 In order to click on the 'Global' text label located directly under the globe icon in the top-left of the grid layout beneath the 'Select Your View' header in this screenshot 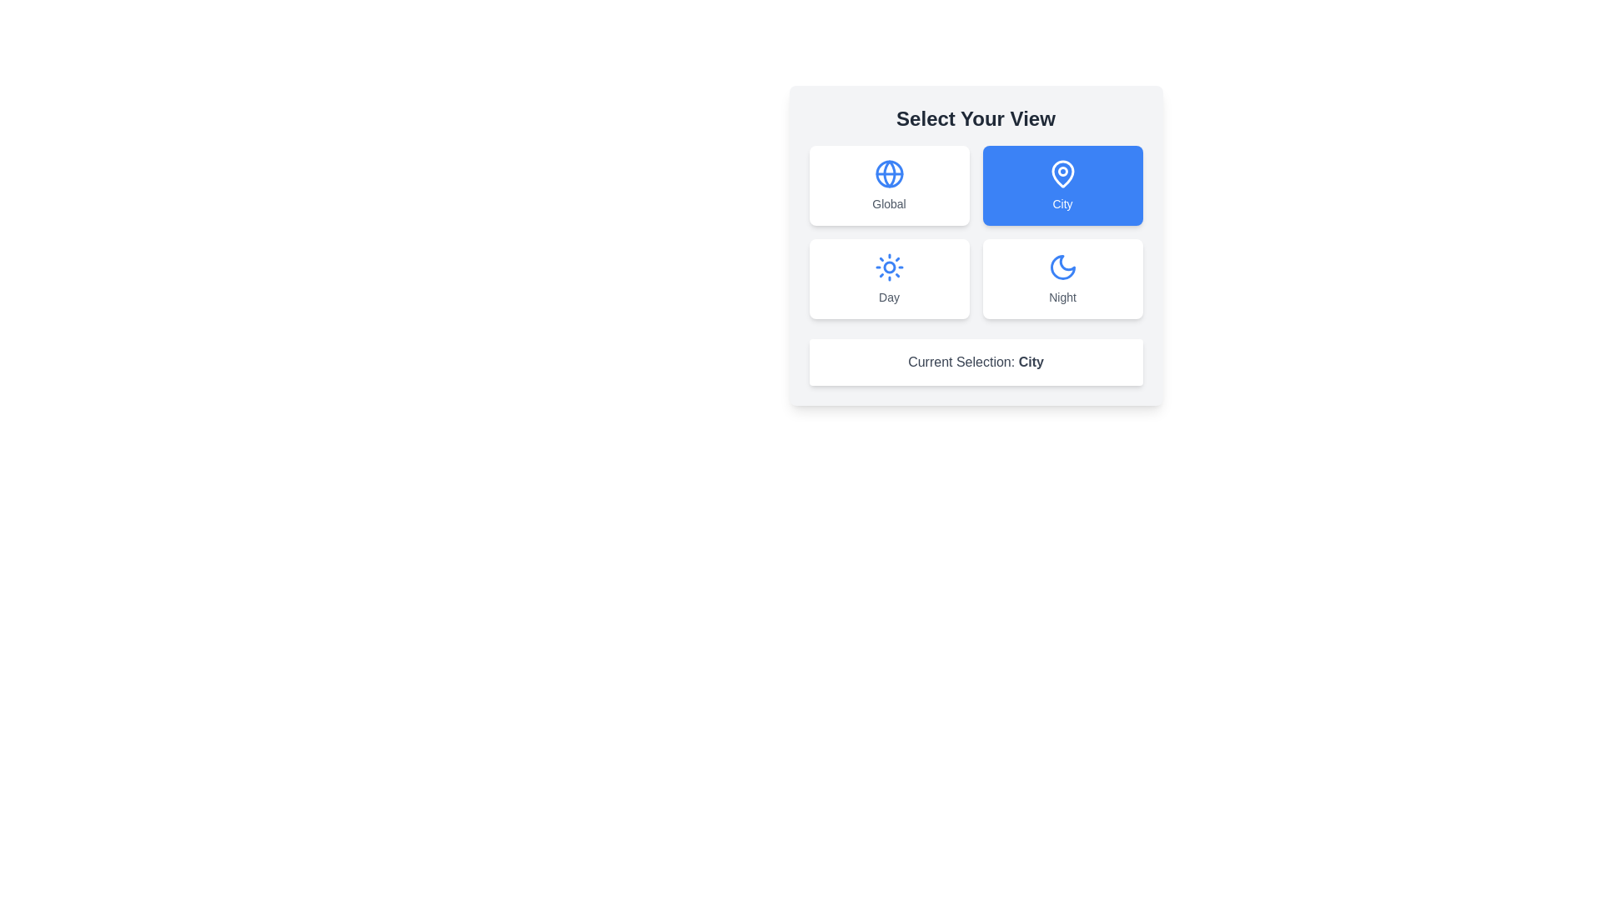, I will do `click(888, 203)`.